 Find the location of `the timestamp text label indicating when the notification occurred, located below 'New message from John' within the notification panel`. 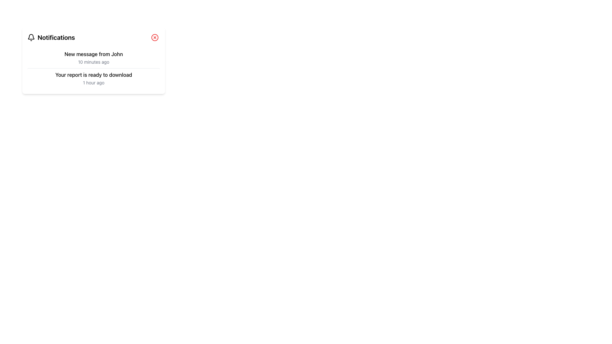

the timestamp text label indicating when the notification occurred, located below 'New message from John' within the notification panel is located at coordinates (93, 62).